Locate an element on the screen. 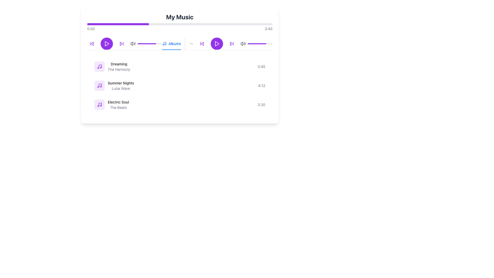 This screenshot has height=278, width=494. the volume progress bar, which is a thin horizontal bar with a gray background and a purple-filled section indicating the current volume level is located at coordinates (260, 43).